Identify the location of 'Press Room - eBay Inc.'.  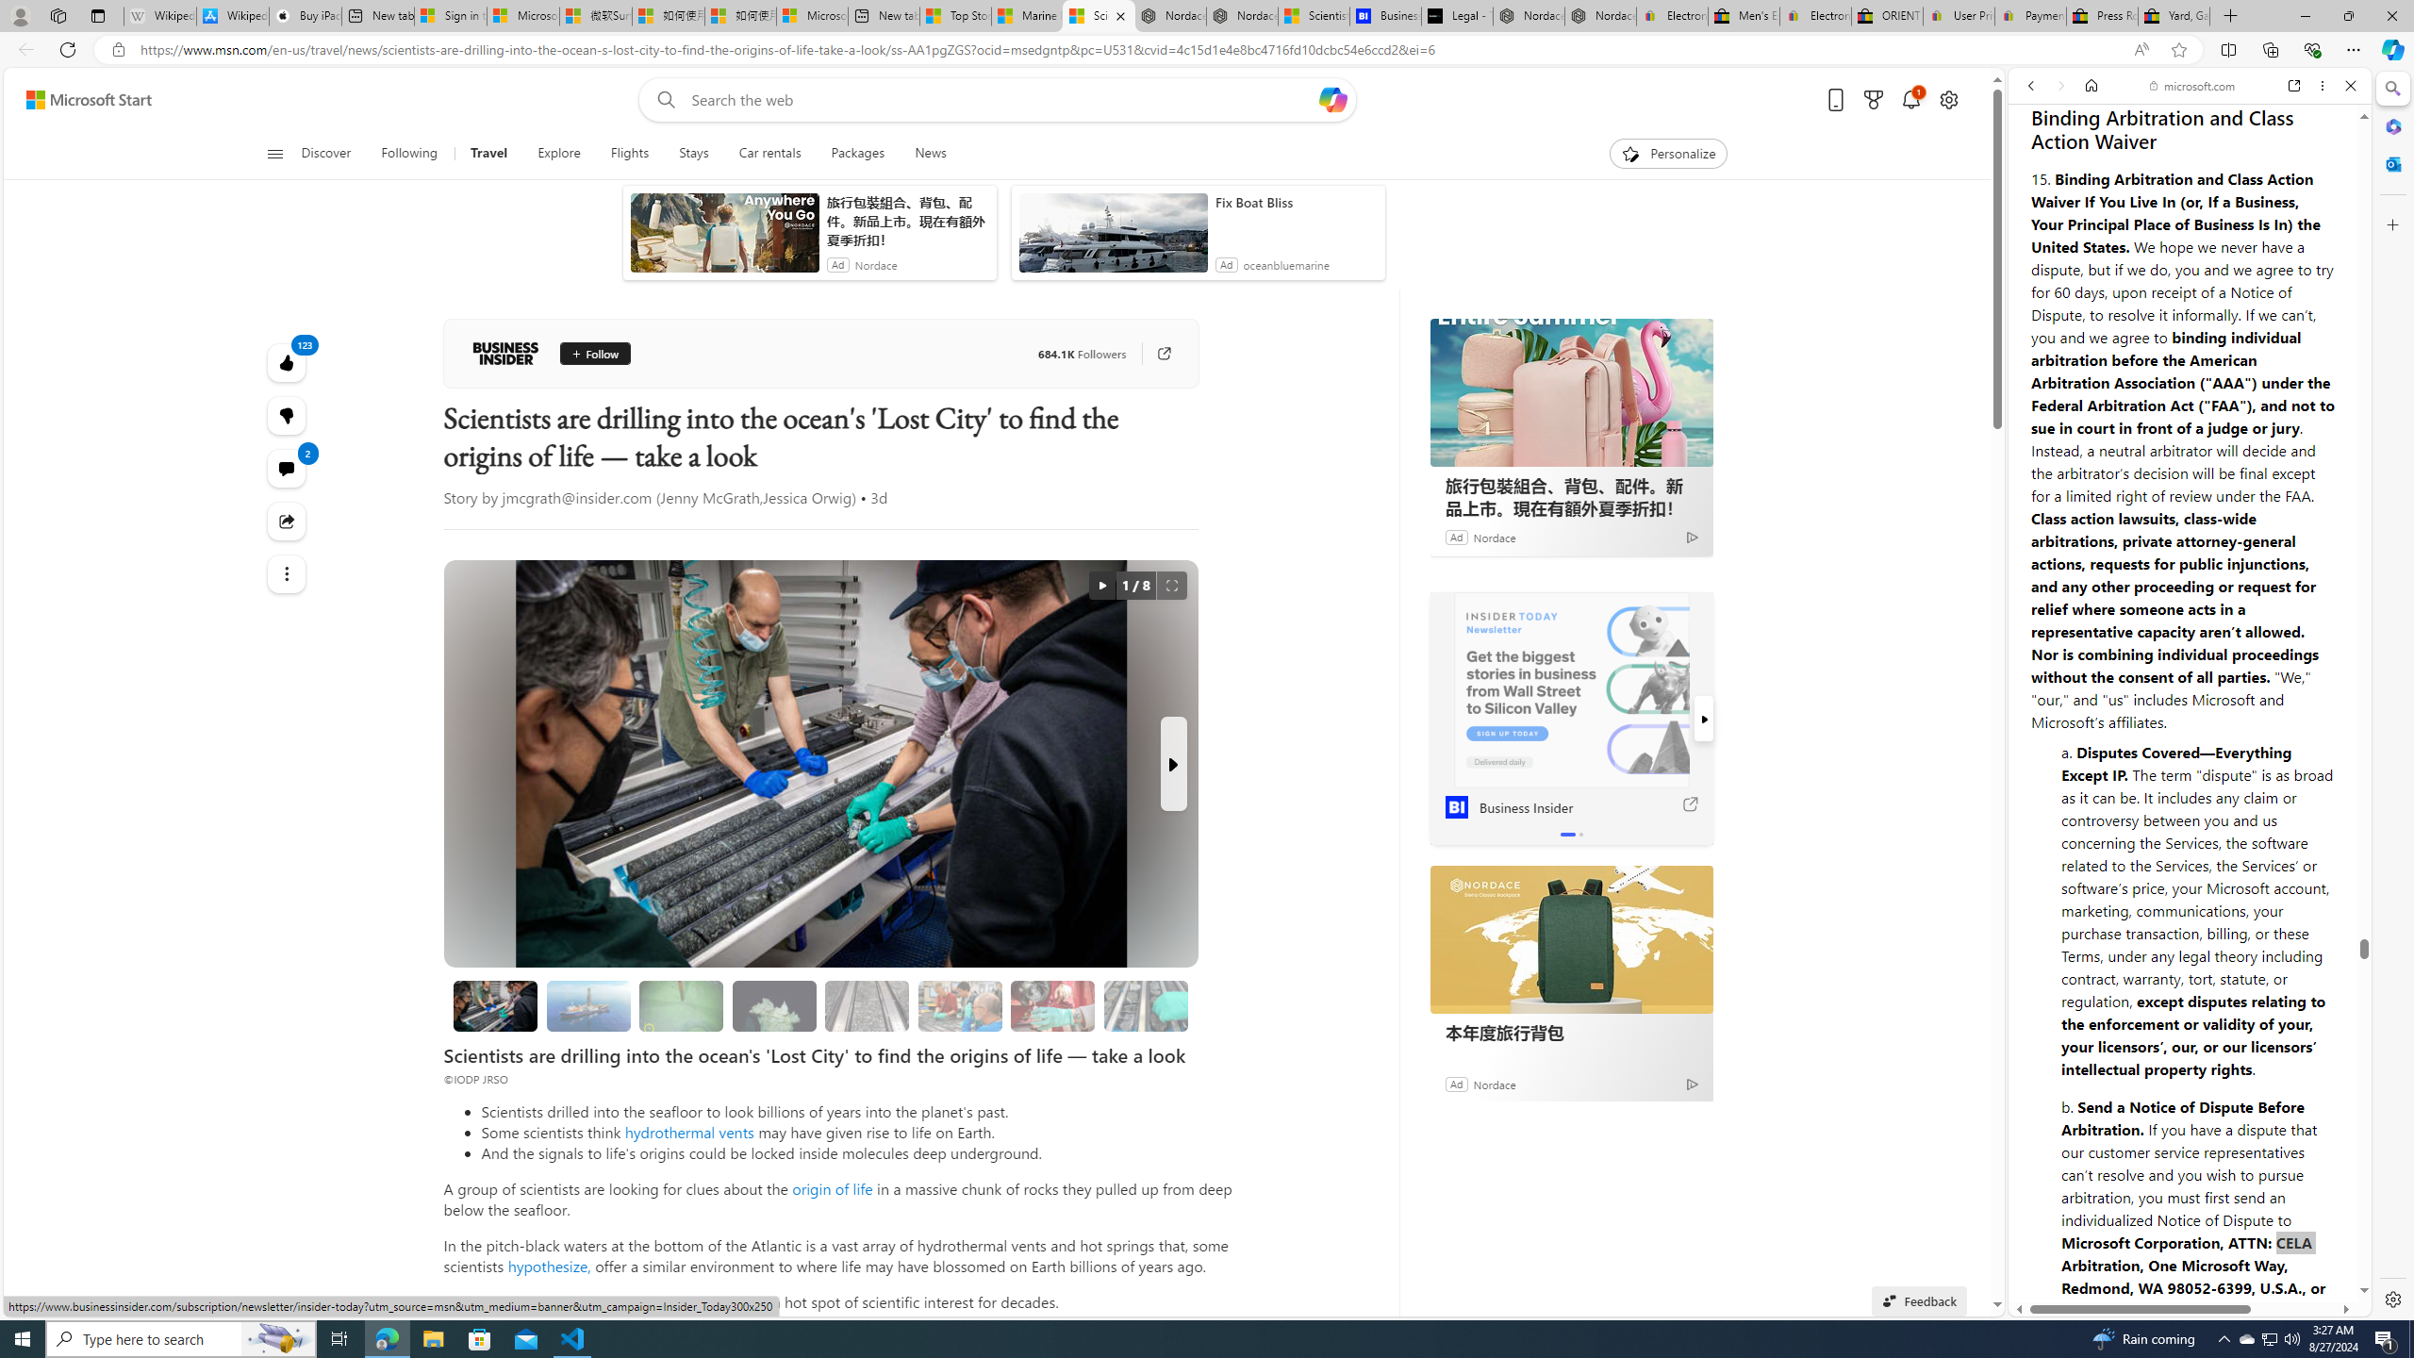
(2102, 15).